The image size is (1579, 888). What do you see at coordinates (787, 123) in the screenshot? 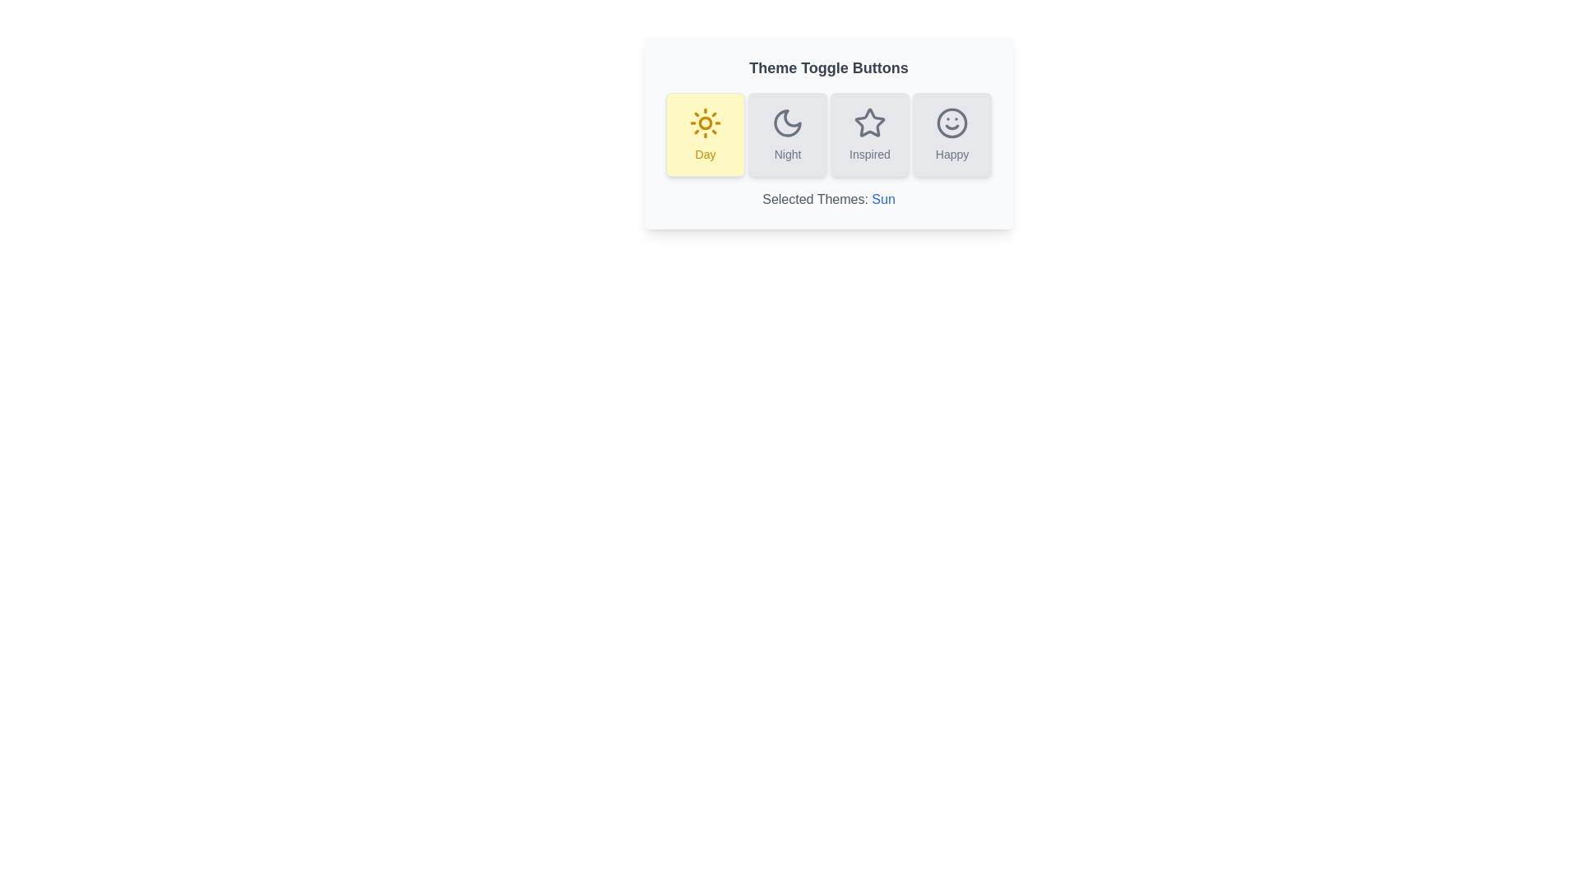
I see `the moon-shaped icon inside the 'Night' themed toggle button` at bounding box center [787, 123].